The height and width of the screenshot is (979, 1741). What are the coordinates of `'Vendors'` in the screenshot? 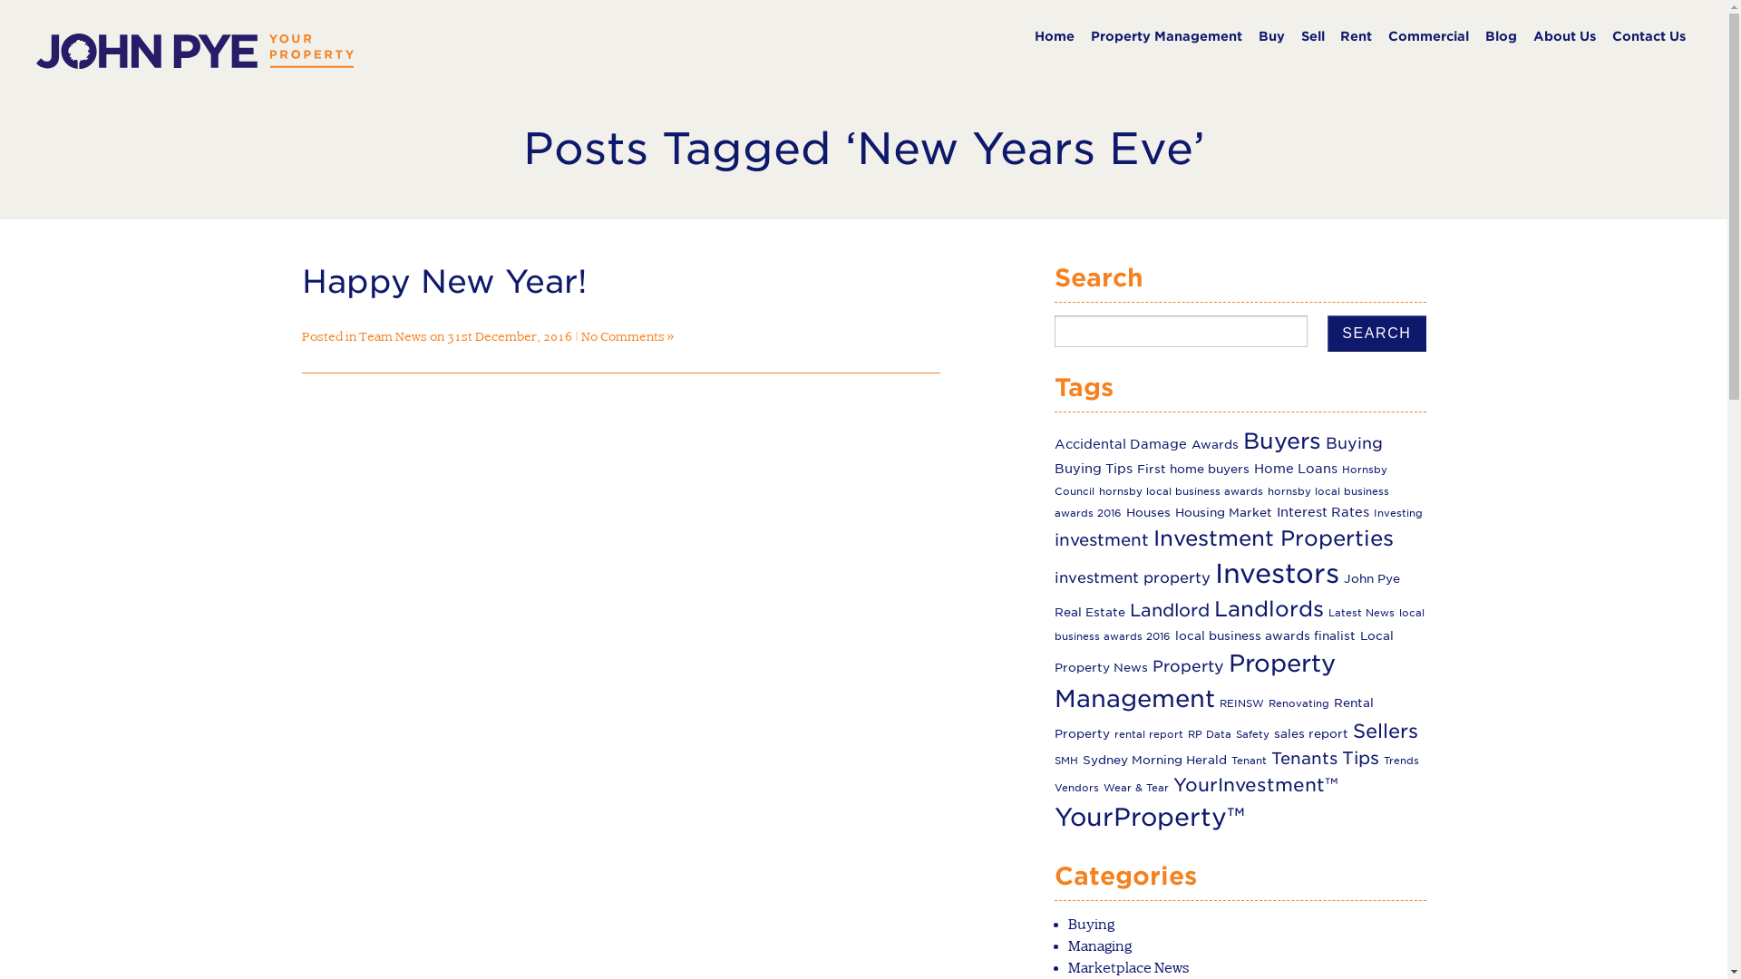 It's located at (1076, 787).